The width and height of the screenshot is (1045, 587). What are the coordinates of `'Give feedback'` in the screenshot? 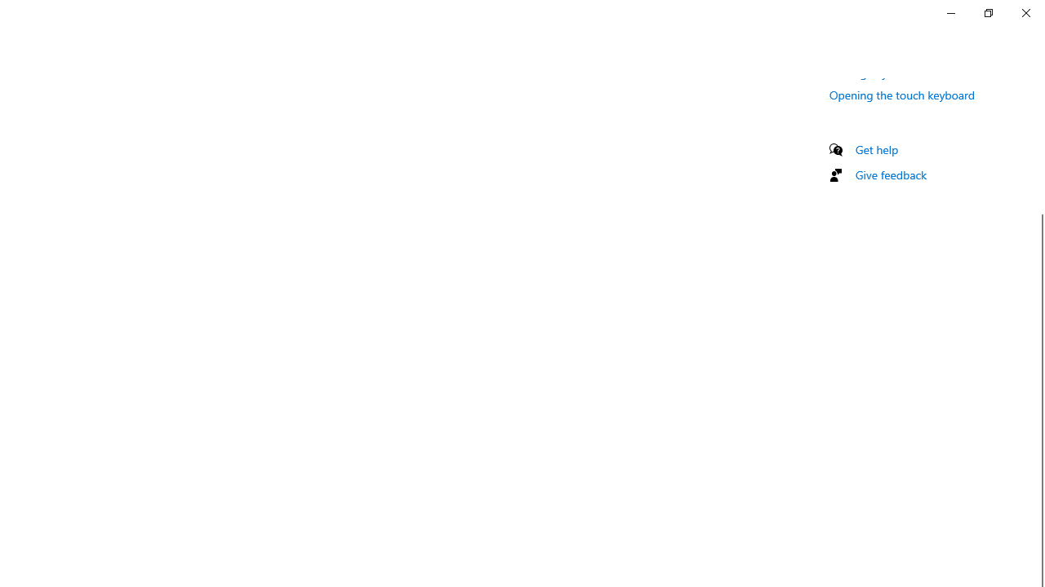 It's located at (890, 174).